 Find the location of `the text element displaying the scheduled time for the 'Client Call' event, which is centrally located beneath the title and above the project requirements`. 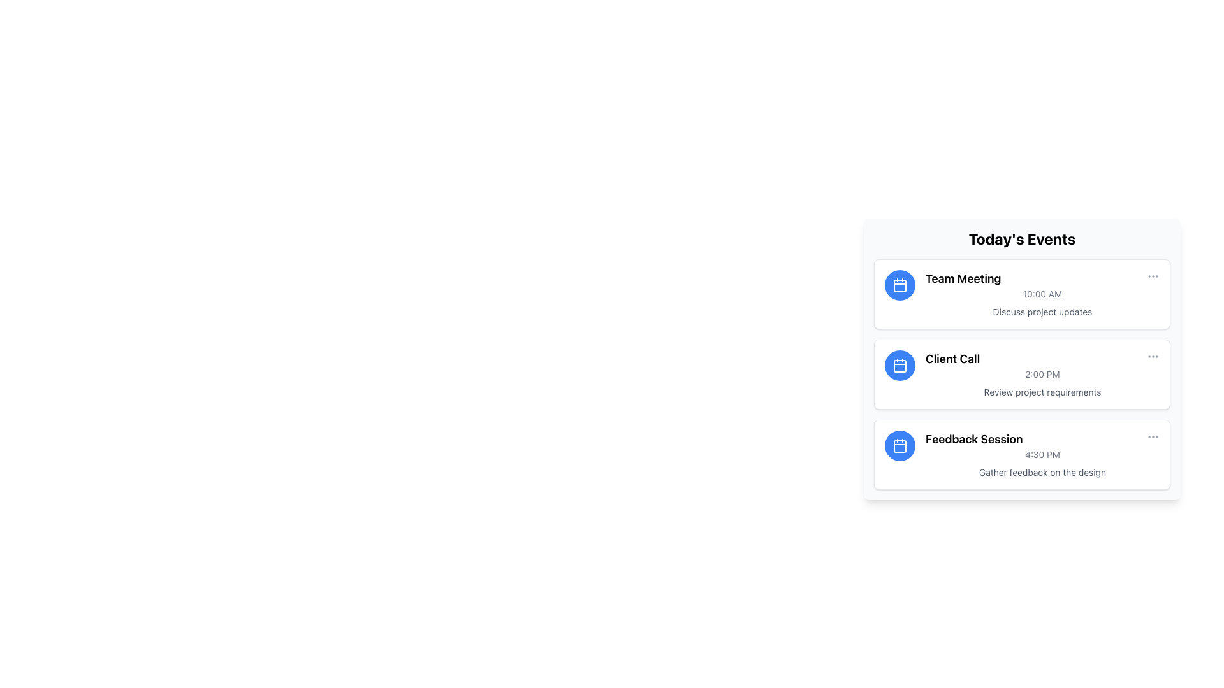

the text element displaying the scheduled time for the 'Client Call' event, which is centrally located beneath the title and above the project requirements is located at coordinates (1042, 373).